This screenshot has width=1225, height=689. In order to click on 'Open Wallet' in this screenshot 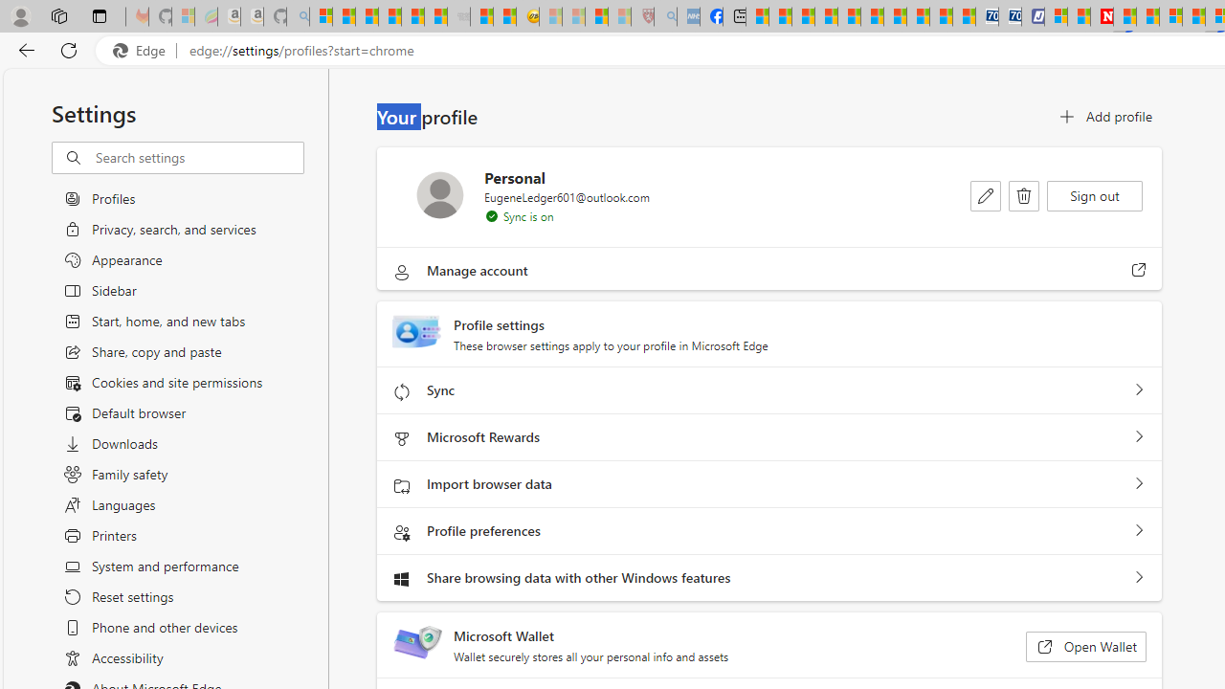, I will do `click(1085, 646)`.